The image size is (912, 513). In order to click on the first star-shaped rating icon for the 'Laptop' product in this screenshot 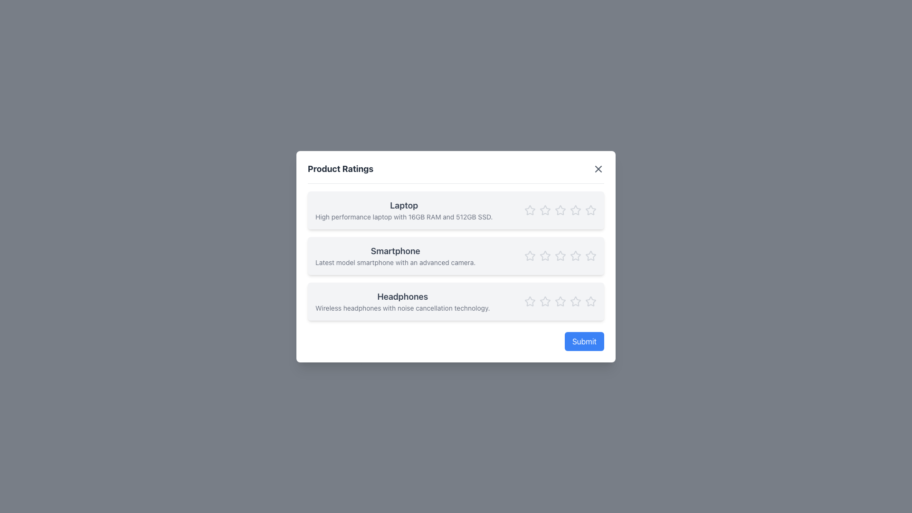, I will do `click(530, 209)`.